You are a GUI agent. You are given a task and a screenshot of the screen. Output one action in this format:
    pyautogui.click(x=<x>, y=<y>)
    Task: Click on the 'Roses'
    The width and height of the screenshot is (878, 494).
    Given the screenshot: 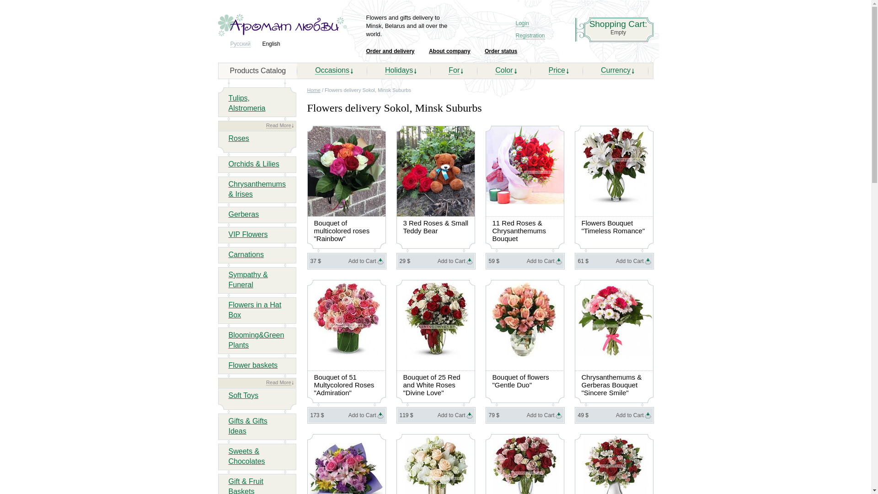 What is the action you would take?
    pyautogui.click(x=239, y=138)
    